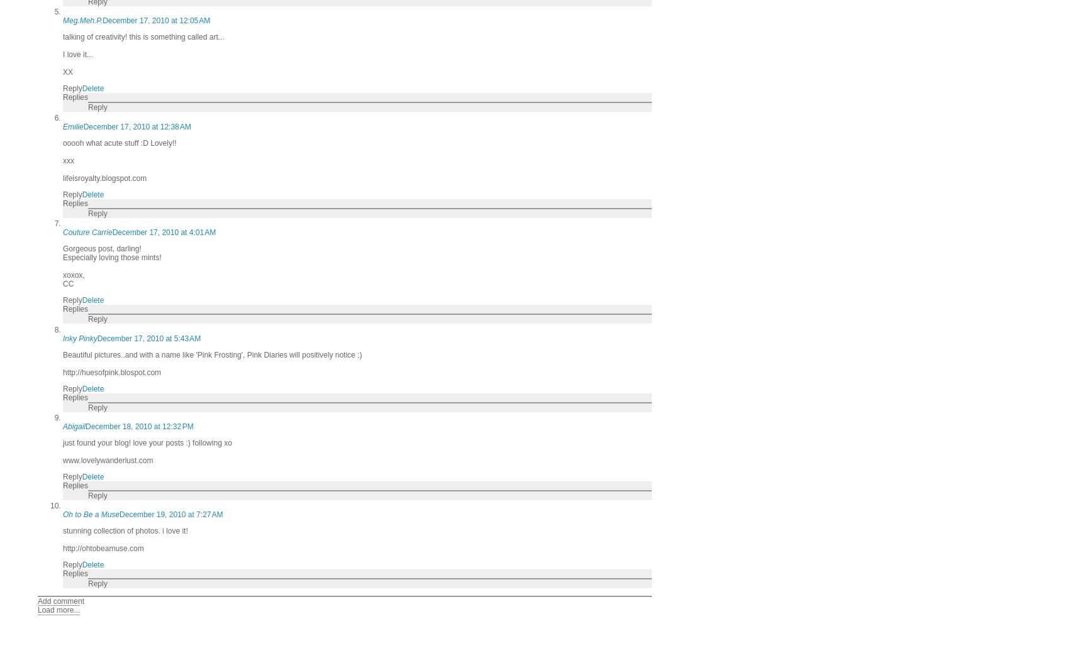 The image size is (1091, 668). I want to click on 'just found your blog! love your posts :) following xo', so click(147, 442).